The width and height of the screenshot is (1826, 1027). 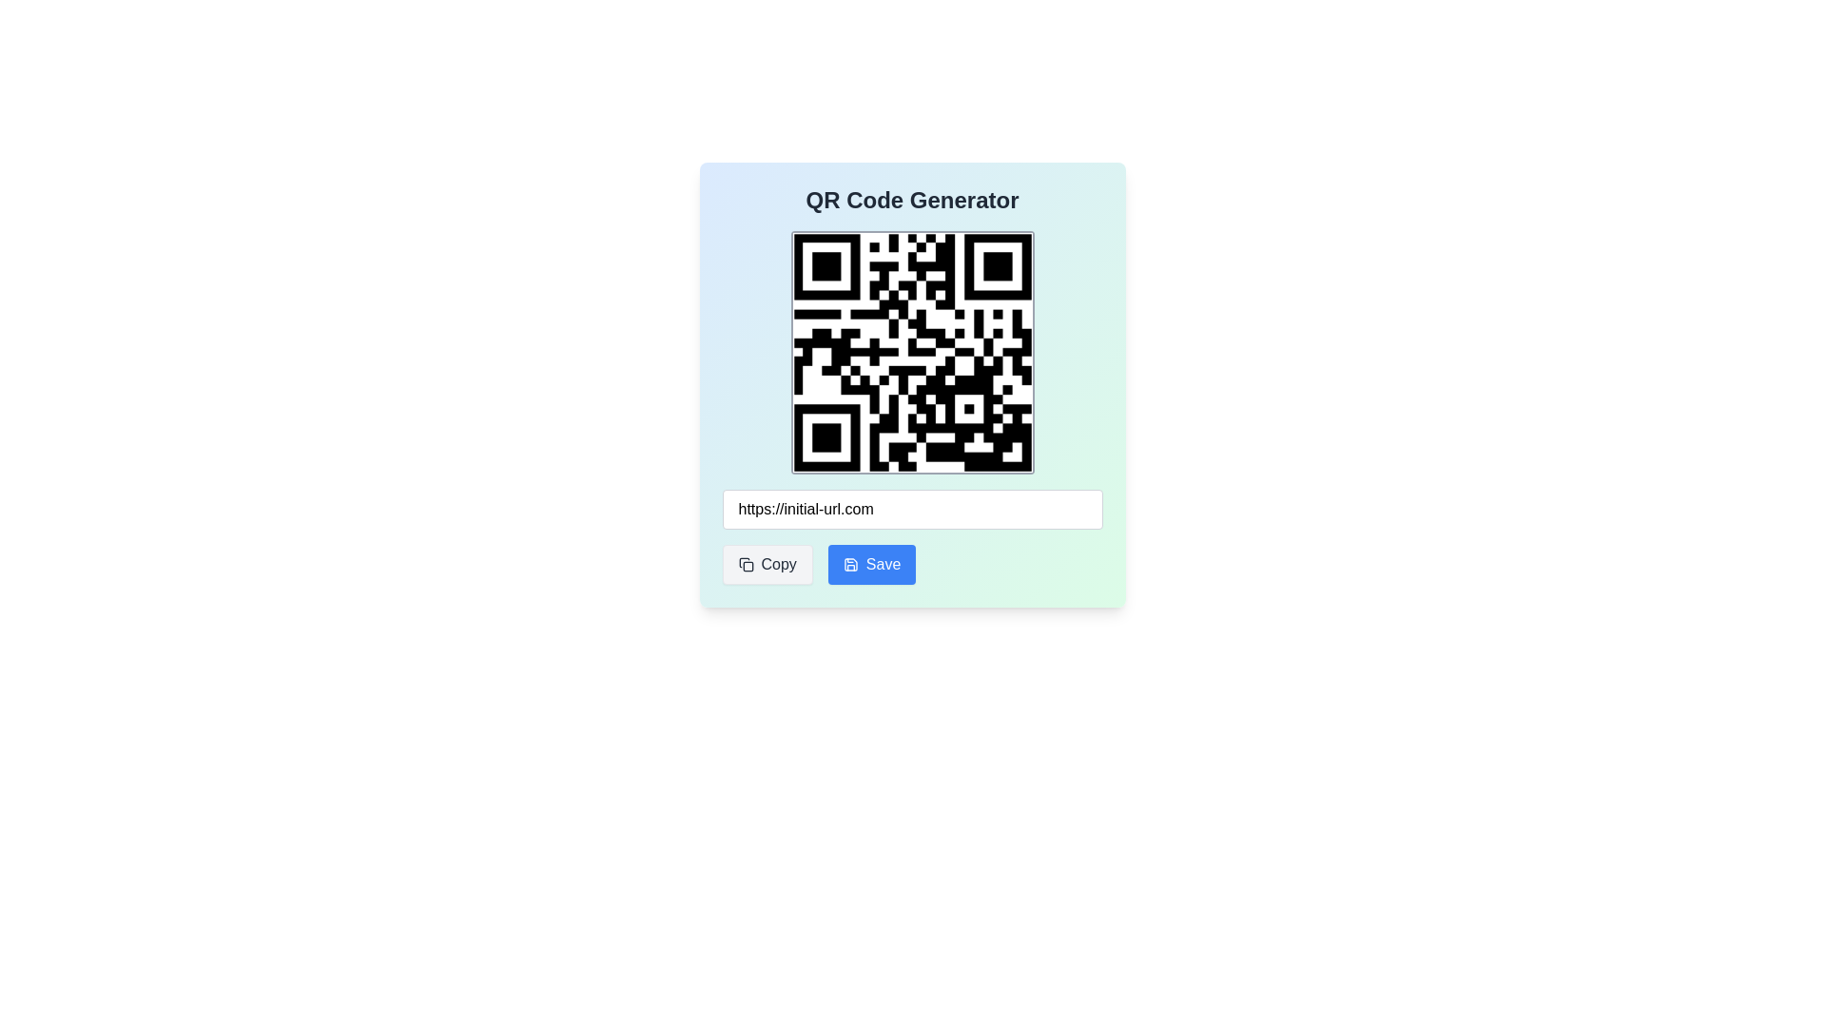 What do you see at coordinates (849, 564) in the screenshot?
I see `the save action icon located on the left side of the 'Save' button in the QR code generator interface` at bounding box center [849, 564].